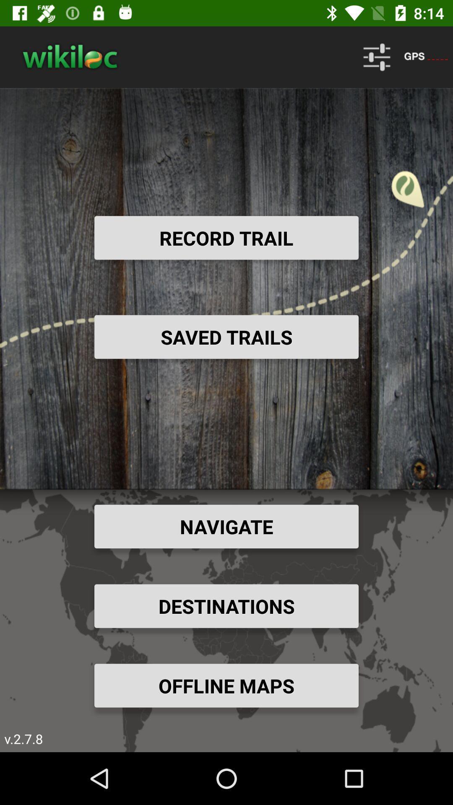 The width and height of the screenshot is (453, 805). I want to click on item below the navigate, so click(226, 606).